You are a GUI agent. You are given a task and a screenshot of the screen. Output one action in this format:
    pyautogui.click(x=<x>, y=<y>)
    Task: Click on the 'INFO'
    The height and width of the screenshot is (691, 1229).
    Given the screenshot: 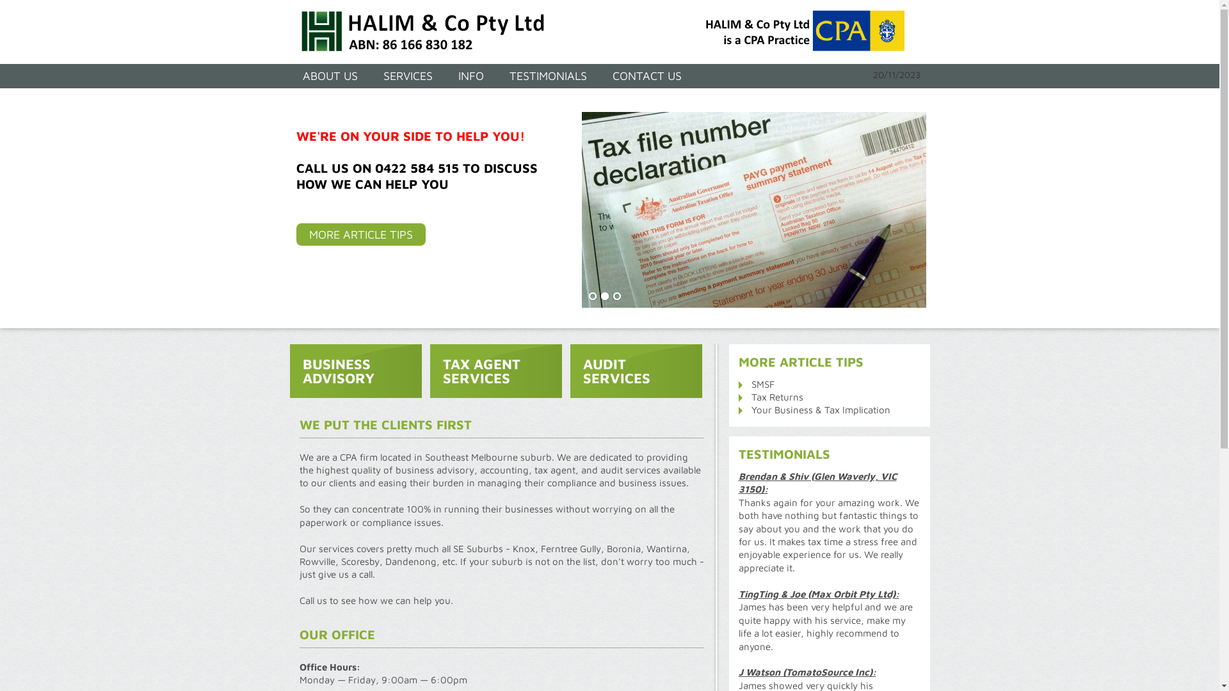 What is the action you would take?
    pyautogui.click(x=446, y=76)
    